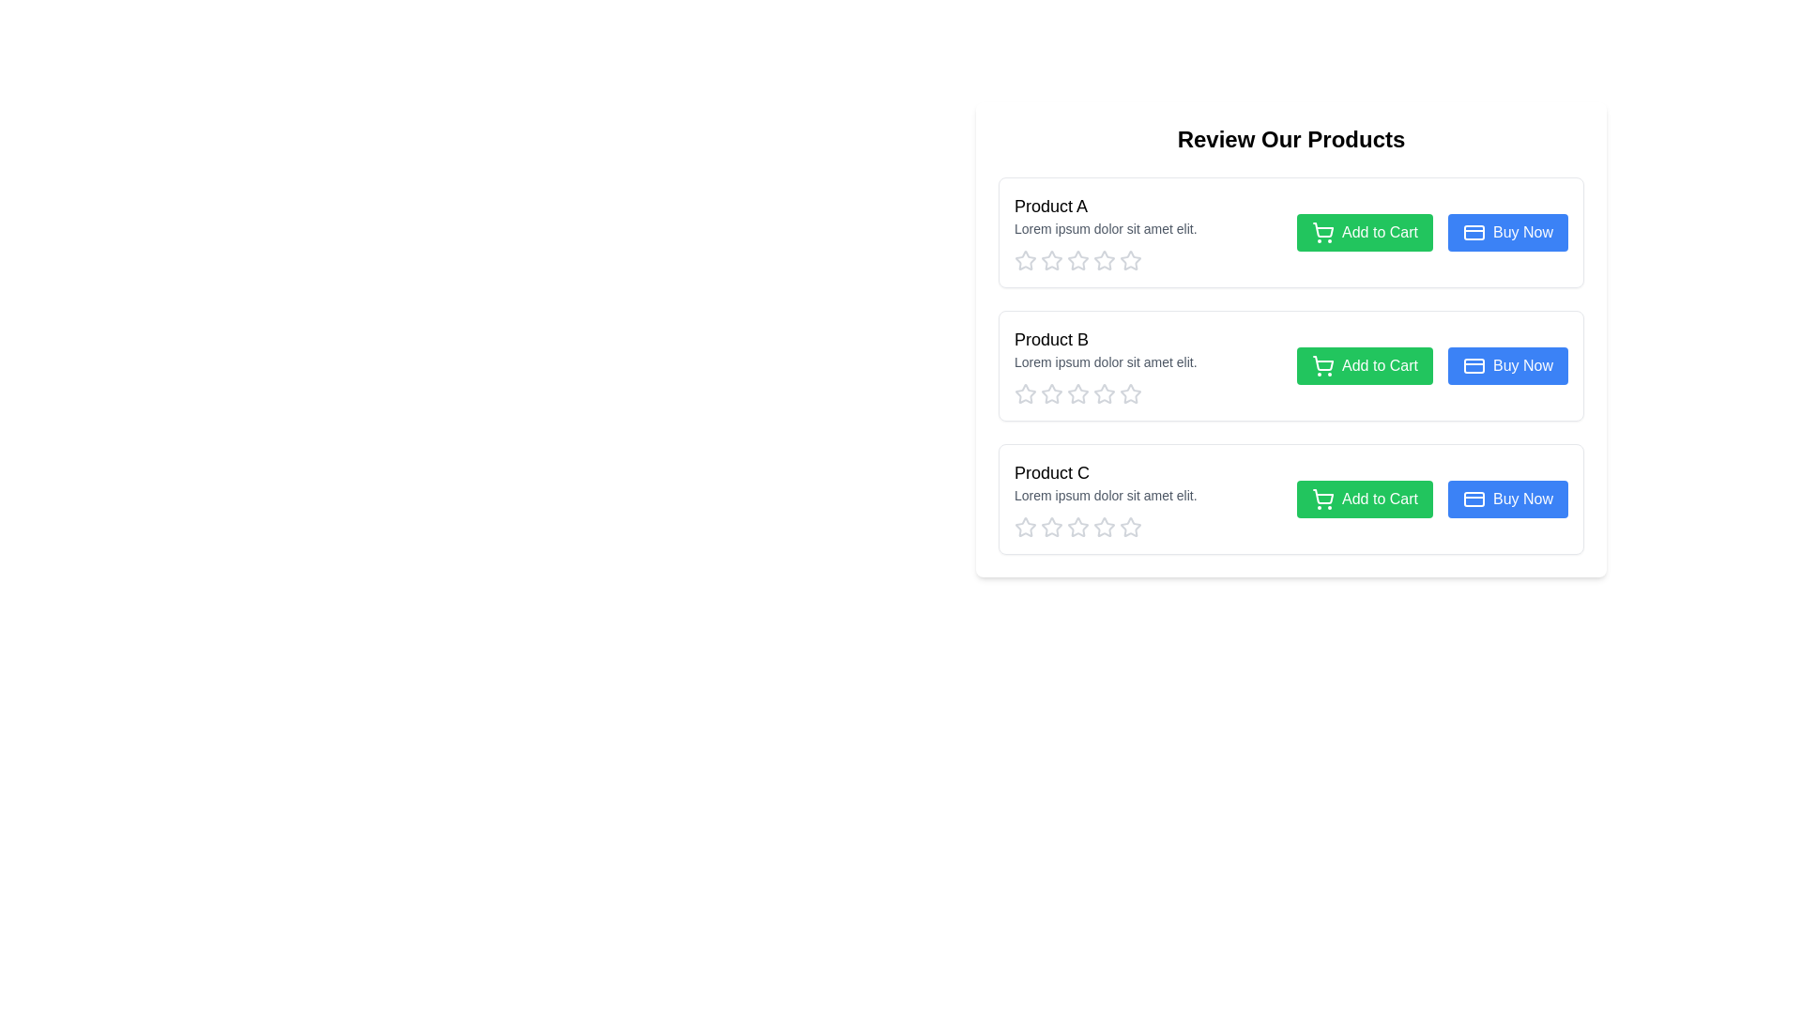 The height and width of the screenshot is (1014, 1802). I want to click on the text 'Product A' which is the main heading in the product description section, positioned at the top-left corner of the first product card, so click(1049, 206).